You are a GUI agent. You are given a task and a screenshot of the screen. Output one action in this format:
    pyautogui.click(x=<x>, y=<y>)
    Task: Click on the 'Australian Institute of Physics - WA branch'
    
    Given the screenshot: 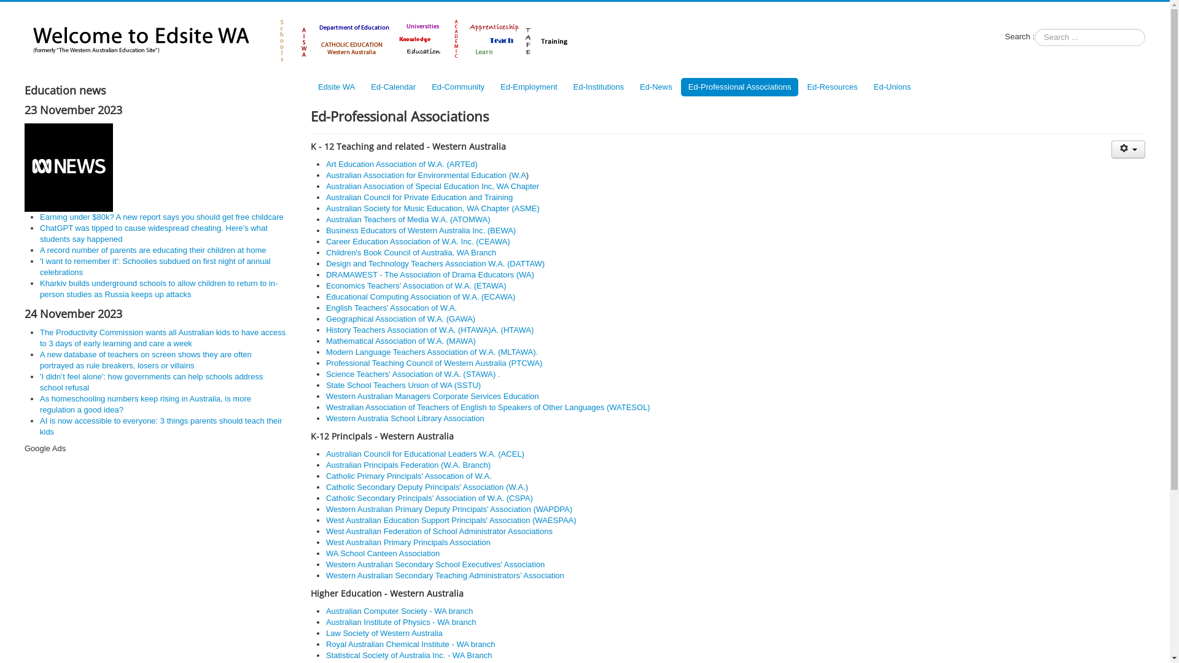 What is the action you would take?
    pyautogui.click(x=400, y=622)
    